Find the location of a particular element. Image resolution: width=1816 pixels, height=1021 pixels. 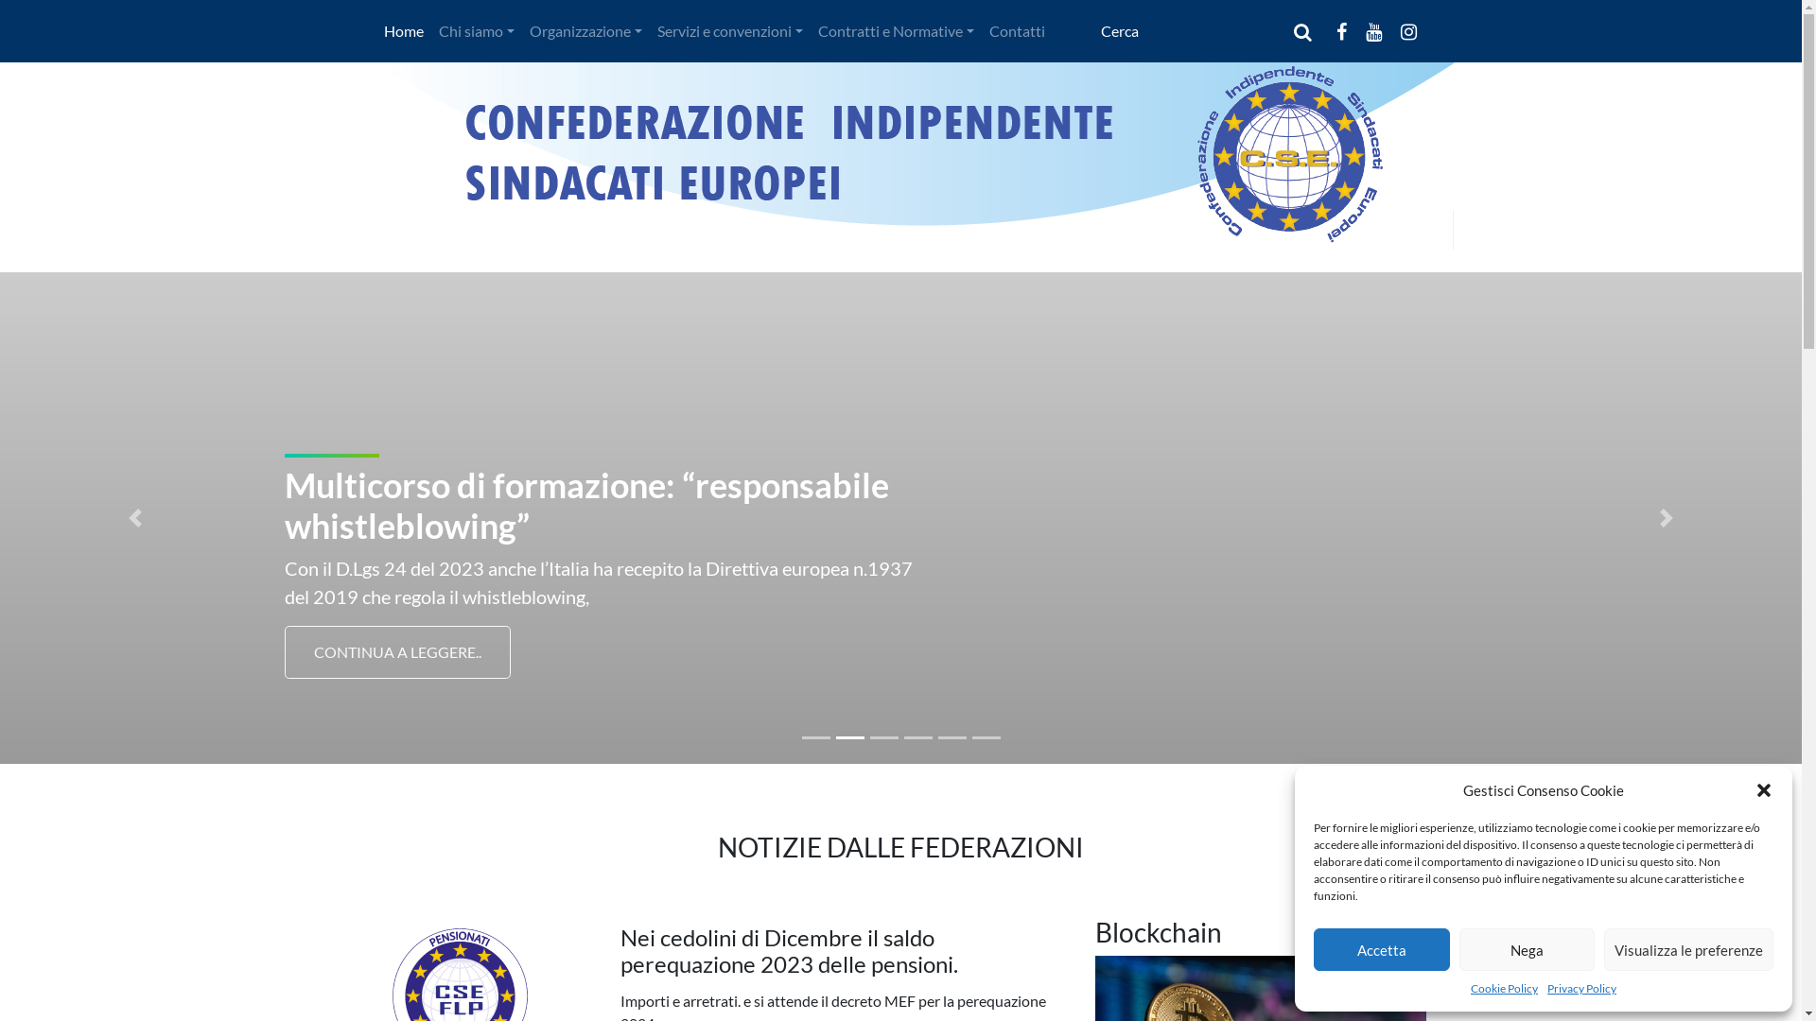

'Nega' is located at coordinates (1526, 949).